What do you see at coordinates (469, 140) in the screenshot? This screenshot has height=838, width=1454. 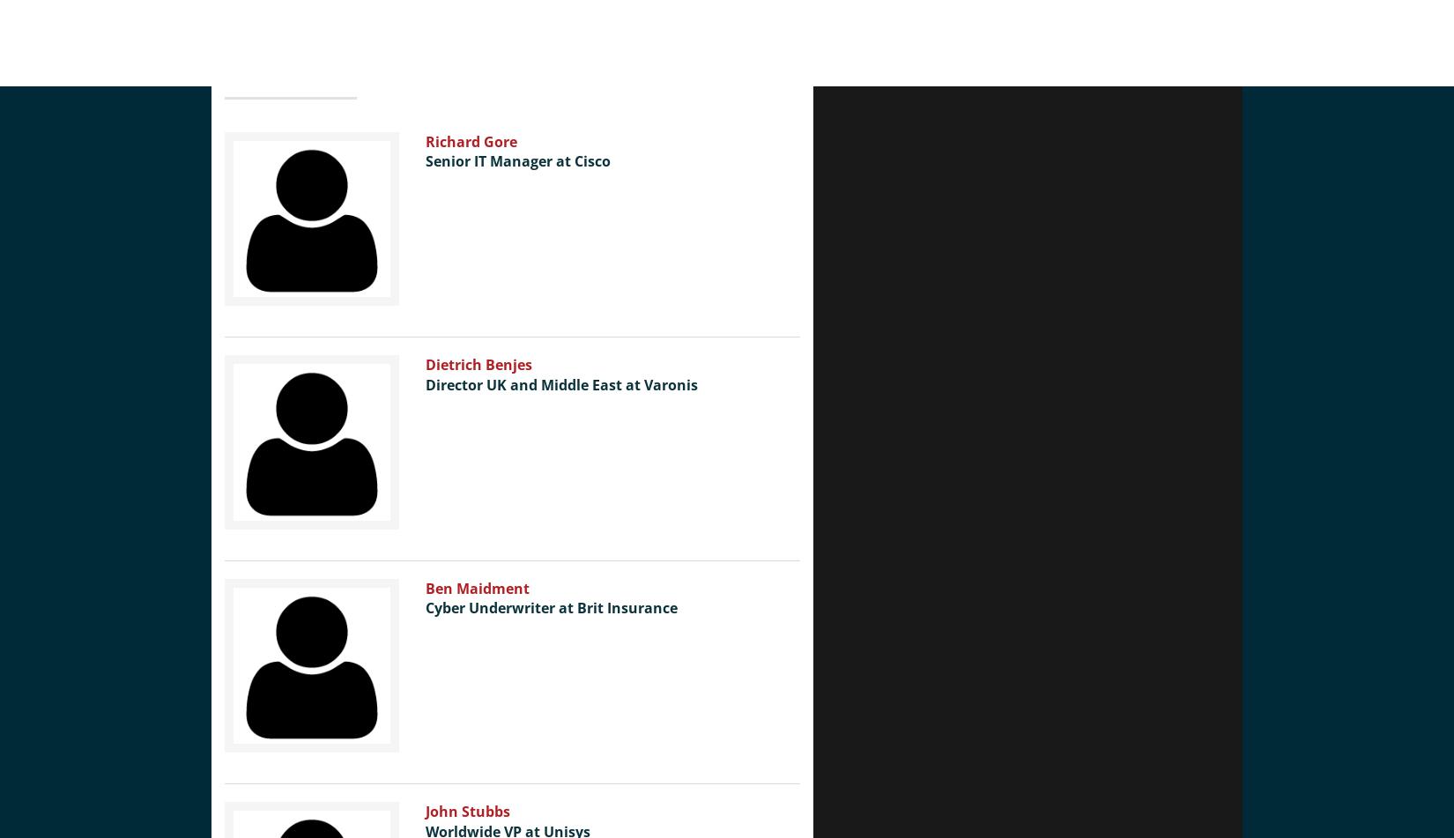 I see `'Richard Gore'` at bounding box center [469, 140].